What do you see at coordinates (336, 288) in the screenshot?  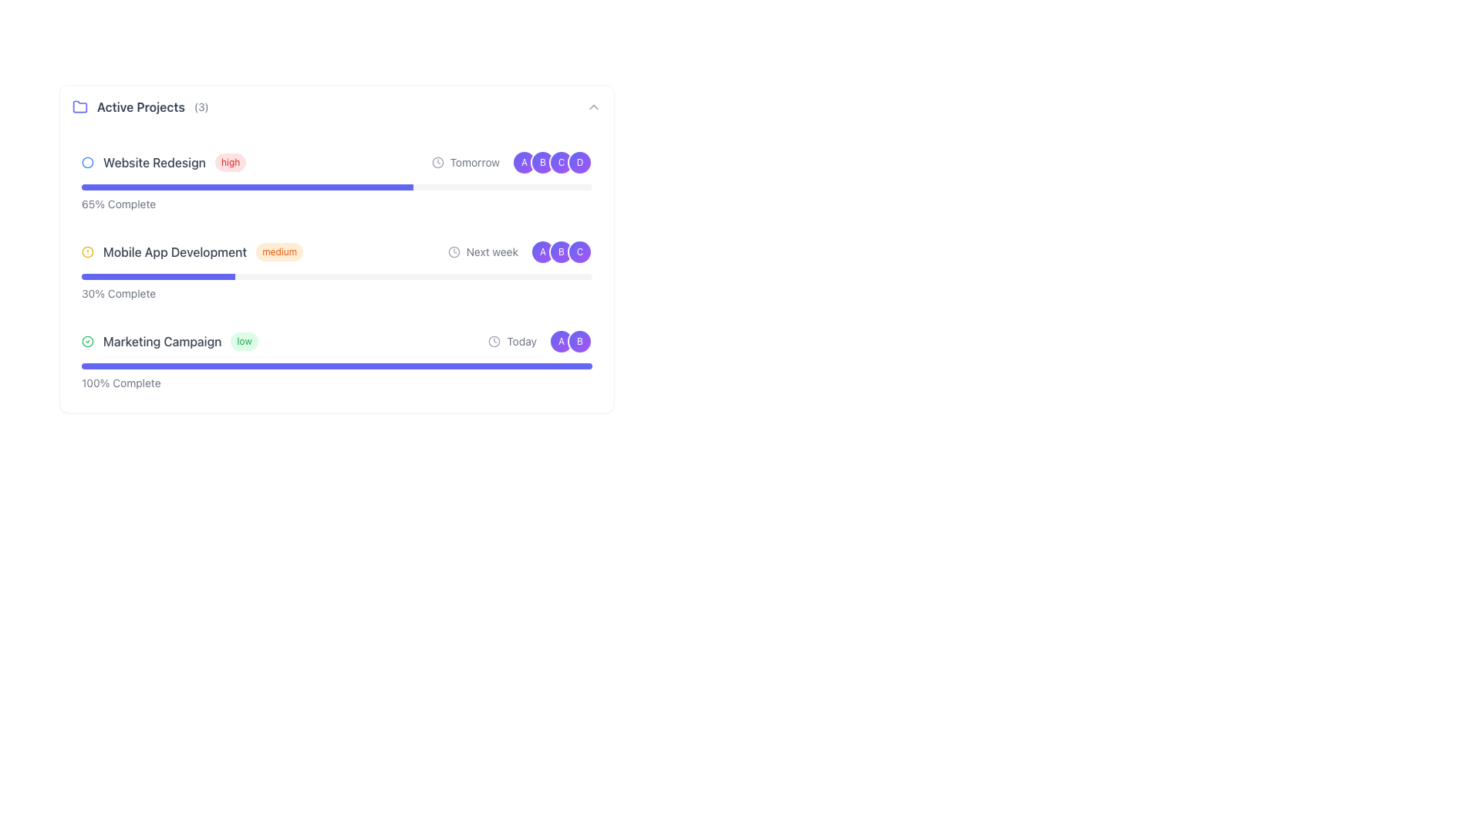 I see `the progress information of the progress bar located in the 'Mobile App Development' section of the 'Active Projects' list, which indicates a completion status of 30%` at bounding box center [336, 288].